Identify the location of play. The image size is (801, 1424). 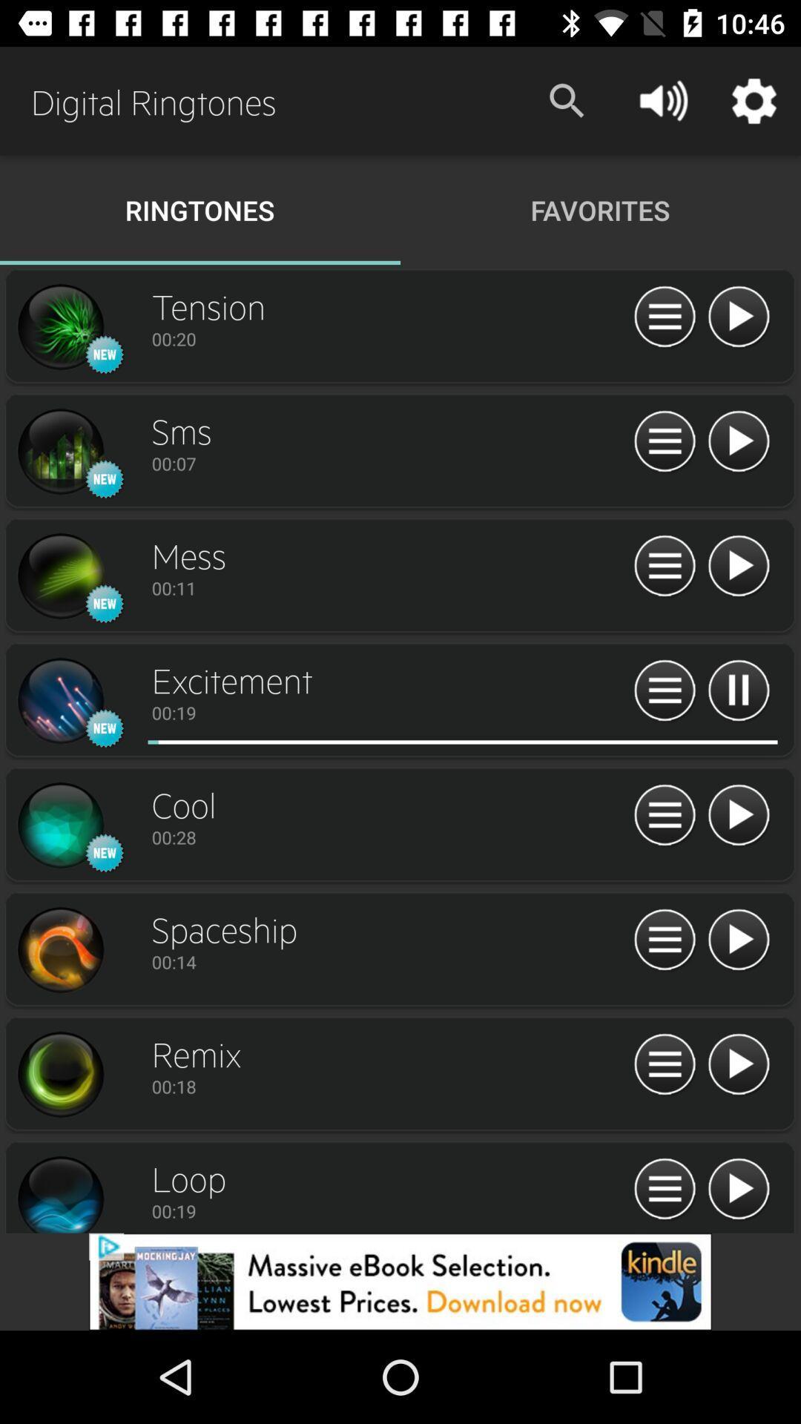
(738, 690).